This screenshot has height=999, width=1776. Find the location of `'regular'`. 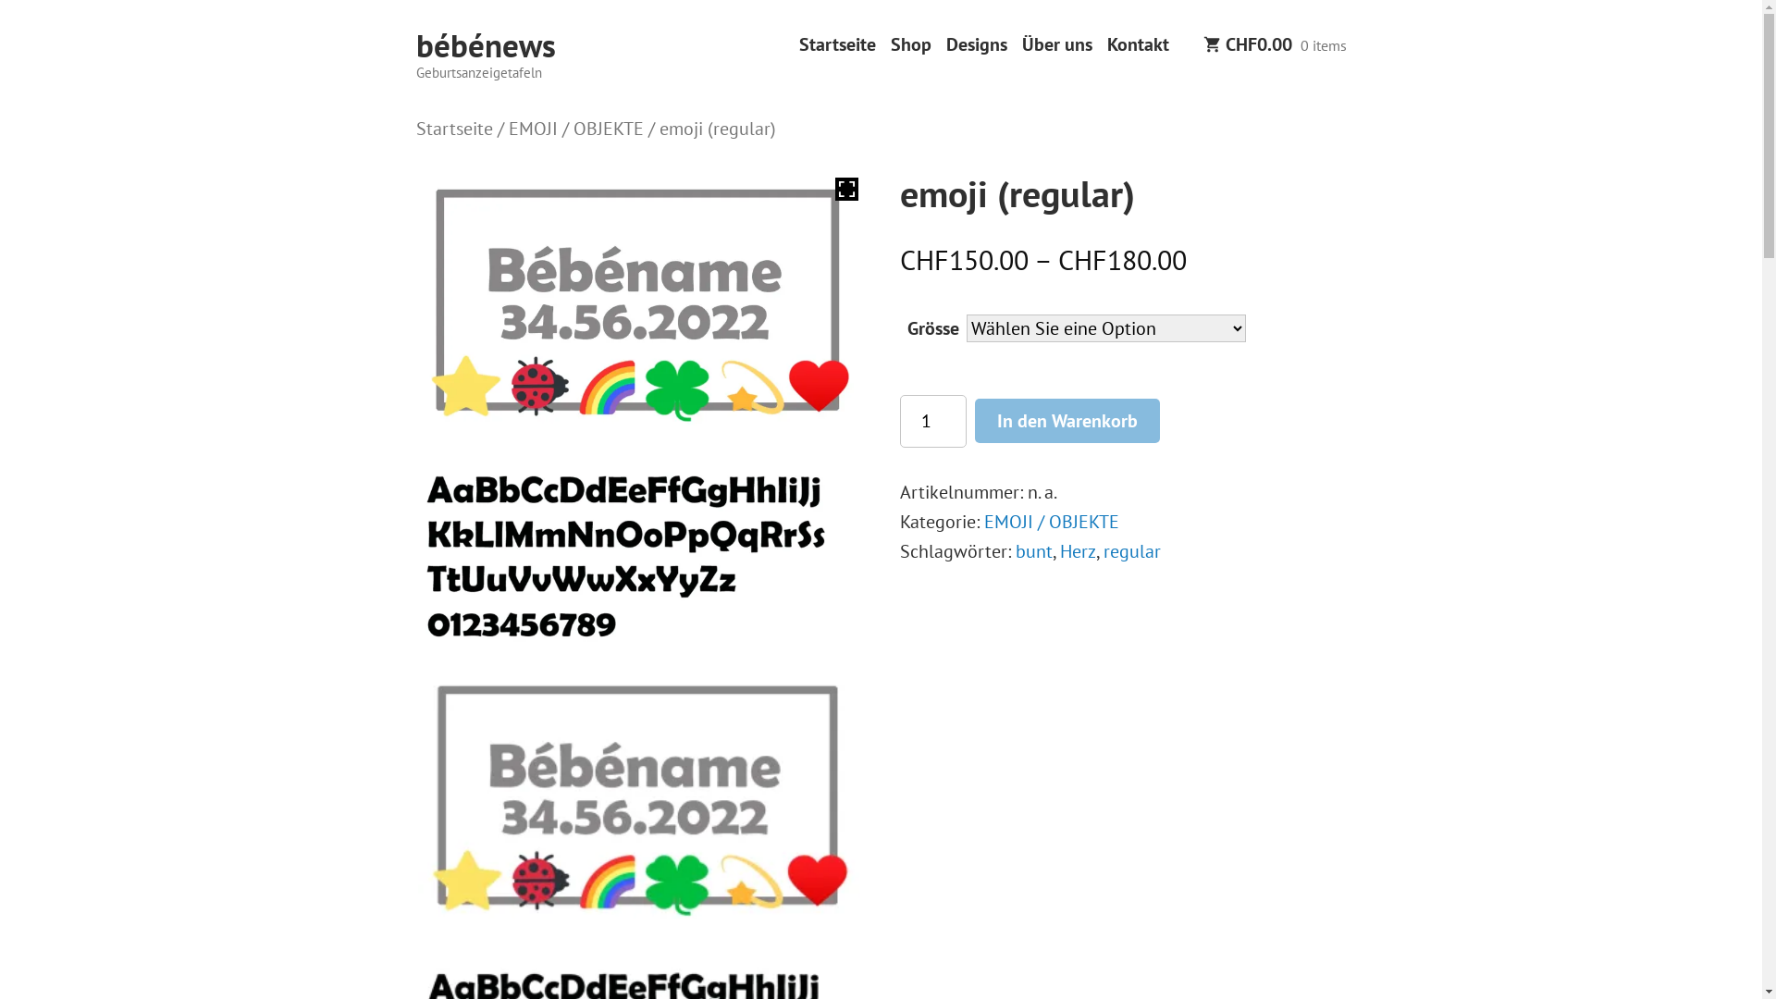

'regular' is located at coordinates (1131, 550).